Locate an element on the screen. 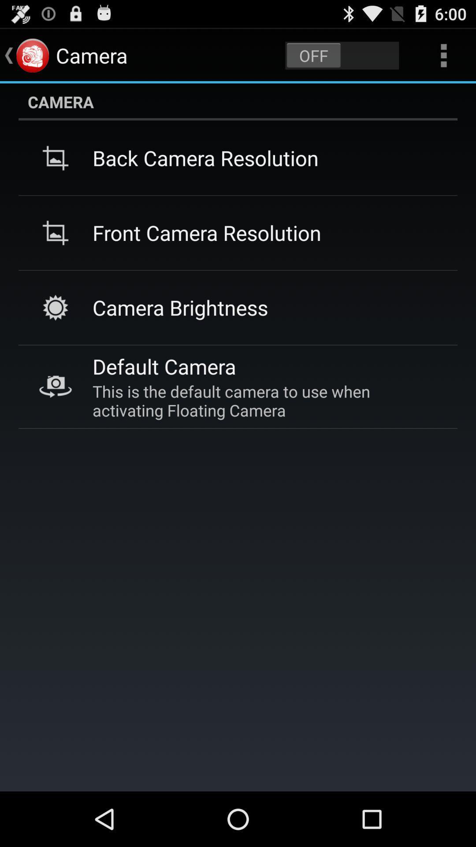 This screenshot has width=476, height=847. icon below the front camera resolution app is located at coordinates (180, 307).